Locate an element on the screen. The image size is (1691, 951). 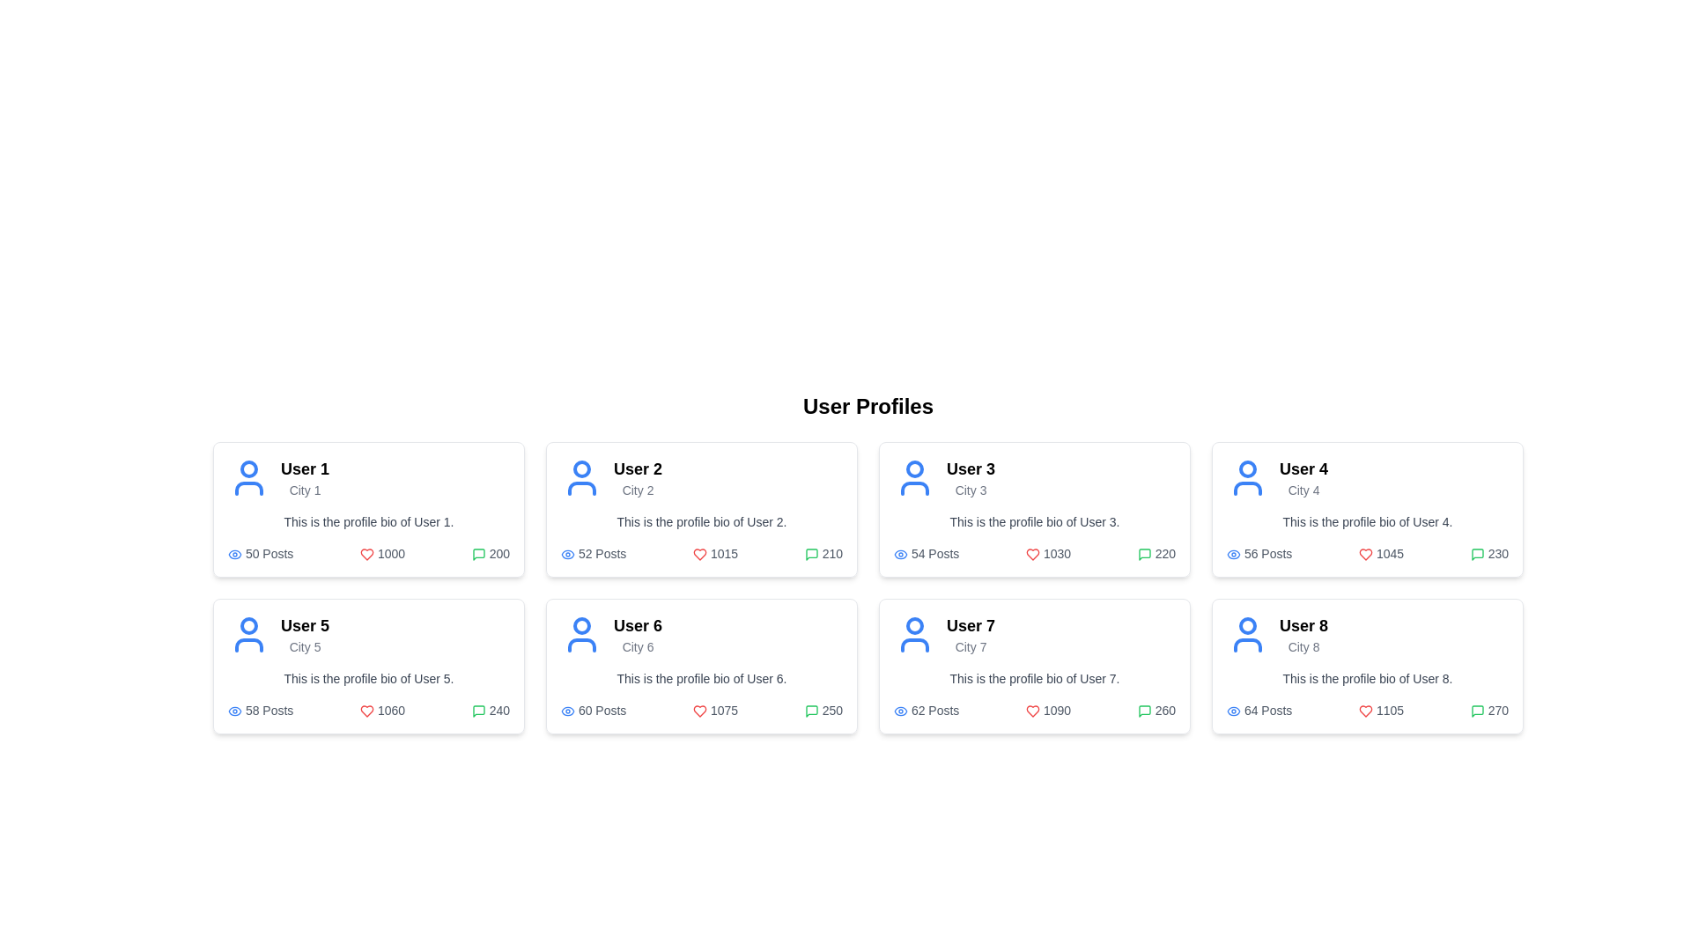
the statistics display element located at the bottom of the 'User 6' card is located at coordinates (700, 709).